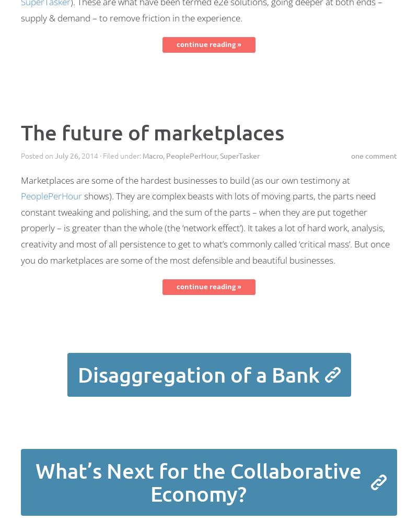  I want to click on '2014 · Filed under:', so click(111, 155).